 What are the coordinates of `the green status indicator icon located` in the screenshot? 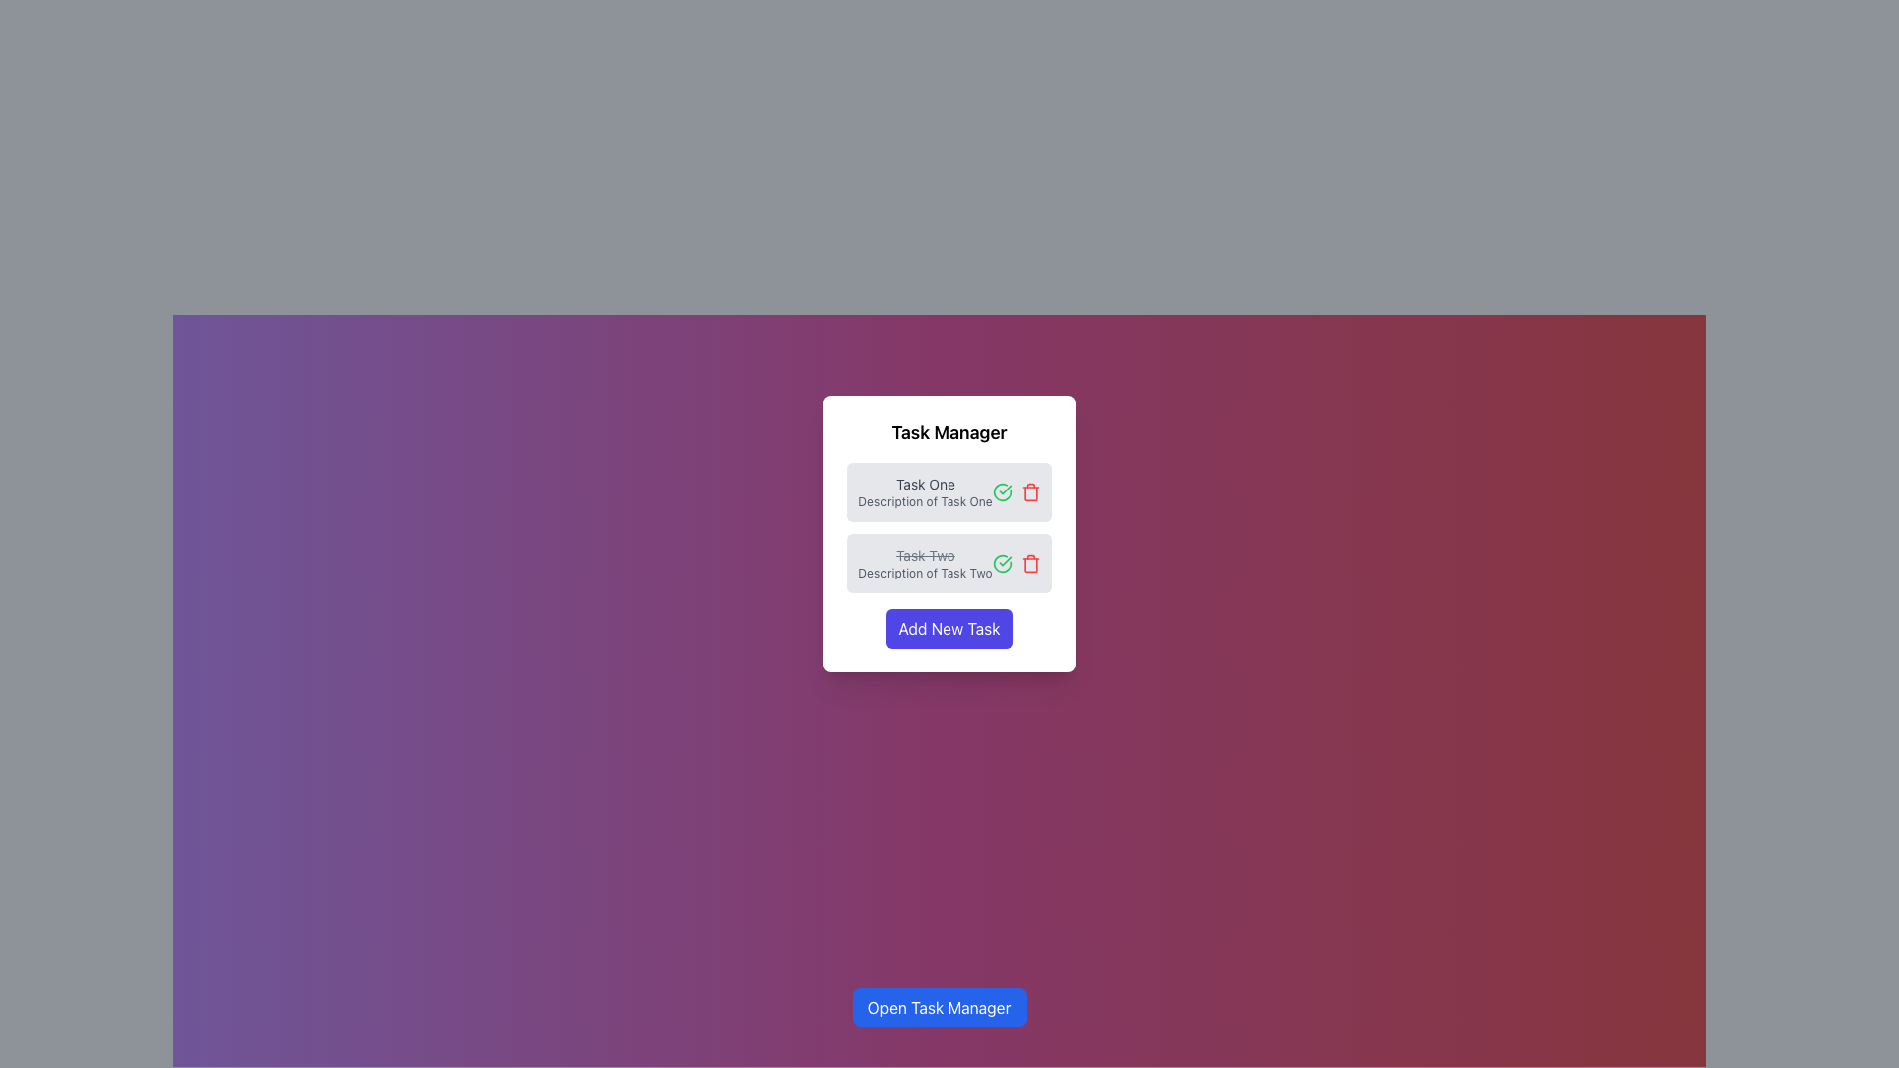 It's located at (1002, 490).